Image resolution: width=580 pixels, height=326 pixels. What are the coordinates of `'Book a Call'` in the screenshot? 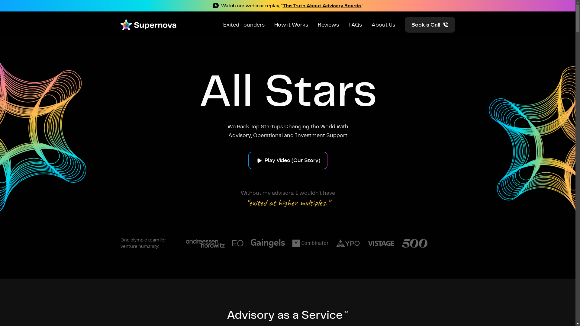 It's located at (430, 24).